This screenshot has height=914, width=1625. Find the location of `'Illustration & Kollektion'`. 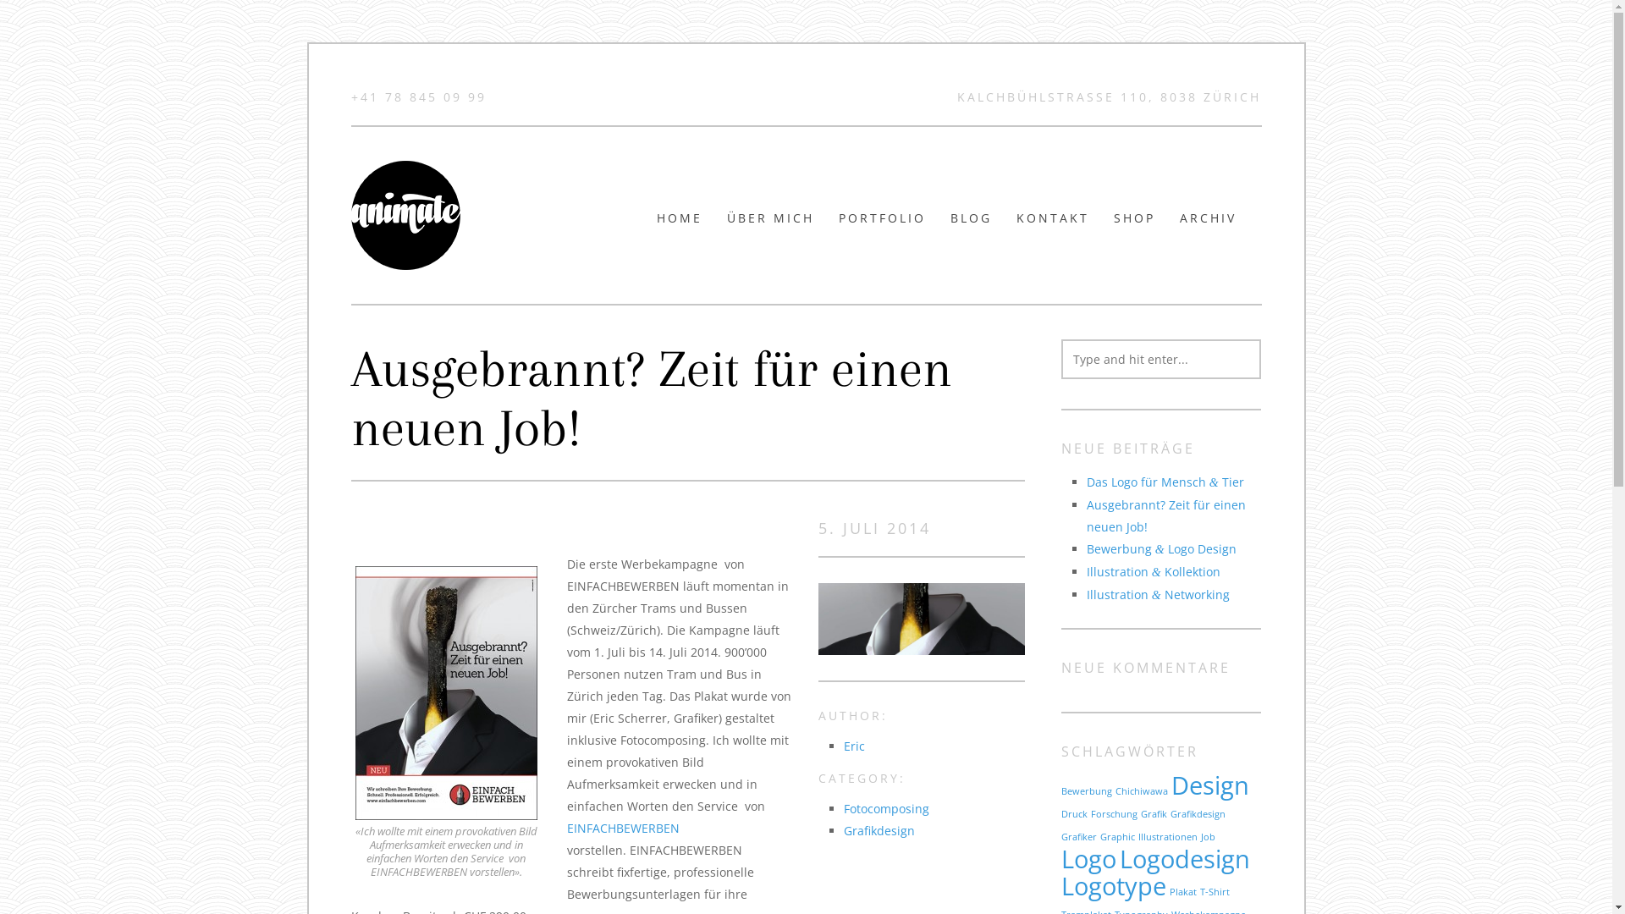

'Illustration & Kollektion' is located at coordinates (1153, 571).